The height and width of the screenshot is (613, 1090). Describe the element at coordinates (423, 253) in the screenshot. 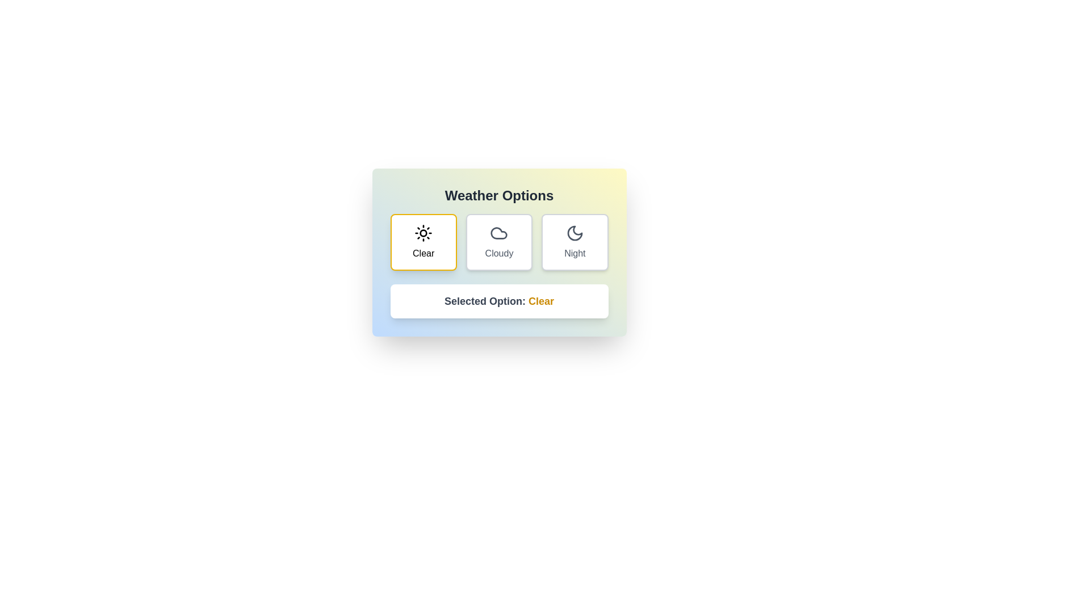

I see `text content of the 'Clear' label located below the sun icon in the weather selection panel` at that location.